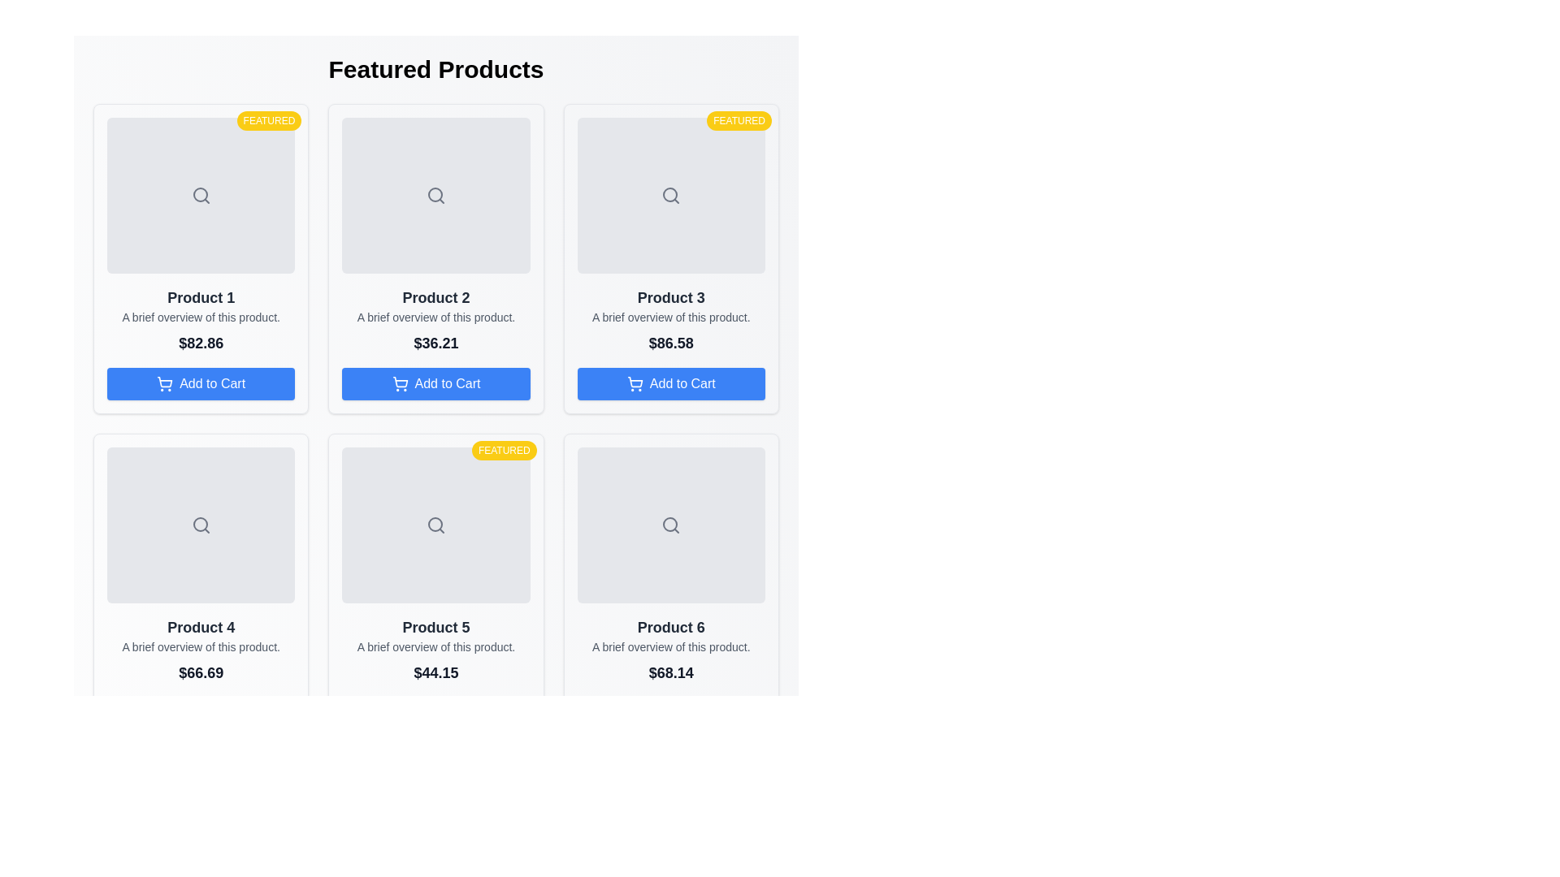  What do you see at coordinates (200, 673) in the screenshot?
I see `price displayed in the text label for 'Product 4', located in the second row, first column of the product card, below the product description and above the 'Add to Cart' button` at bounding box center [200, 673].